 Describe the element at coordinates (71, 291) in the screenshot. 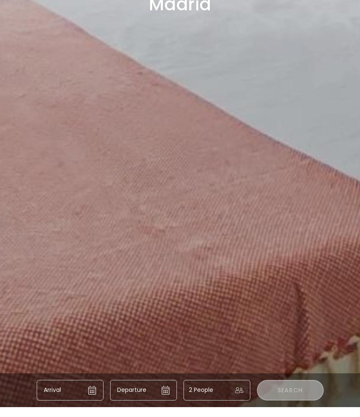

I see `'More information'` at that location.